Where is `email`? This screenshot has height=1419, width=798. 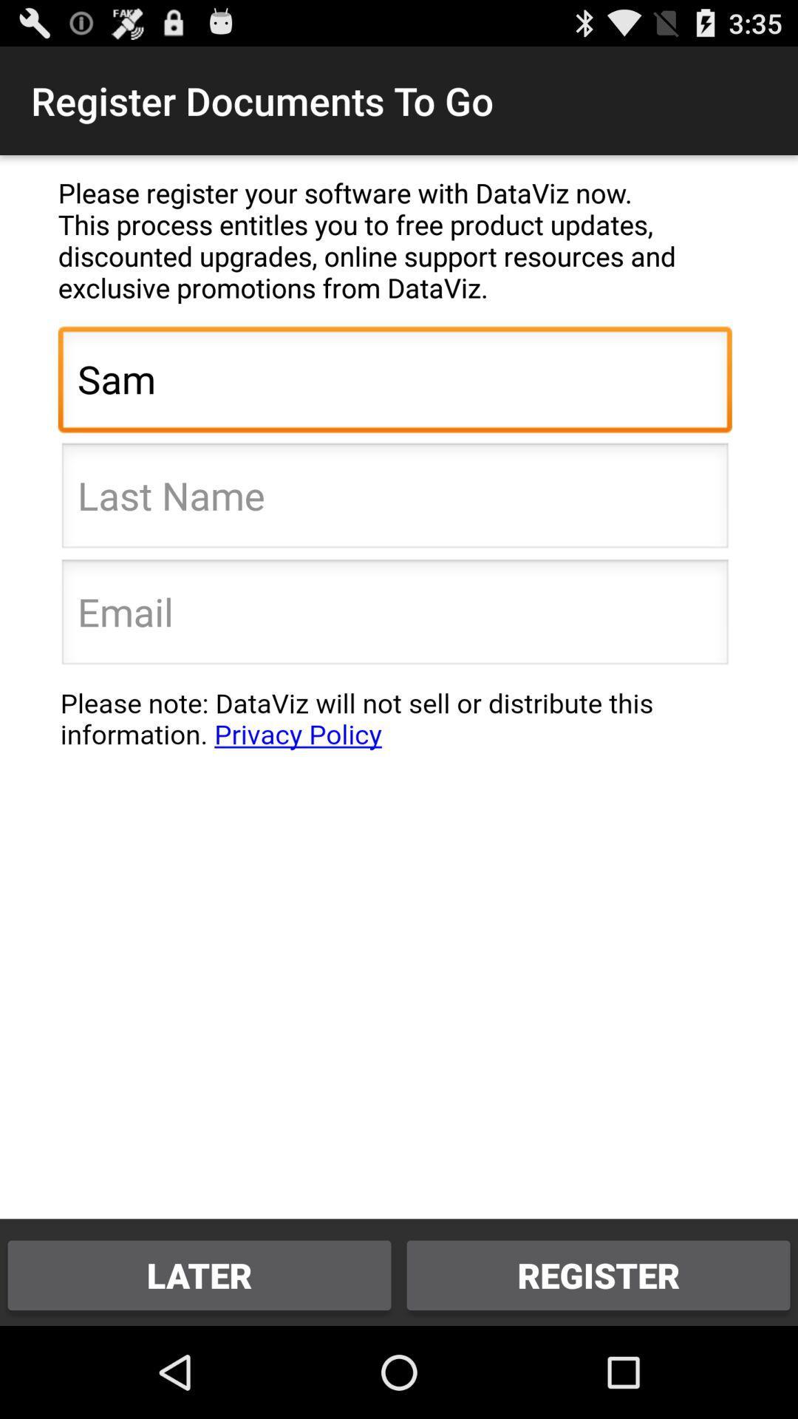 email is located at coordinates (394, 616).